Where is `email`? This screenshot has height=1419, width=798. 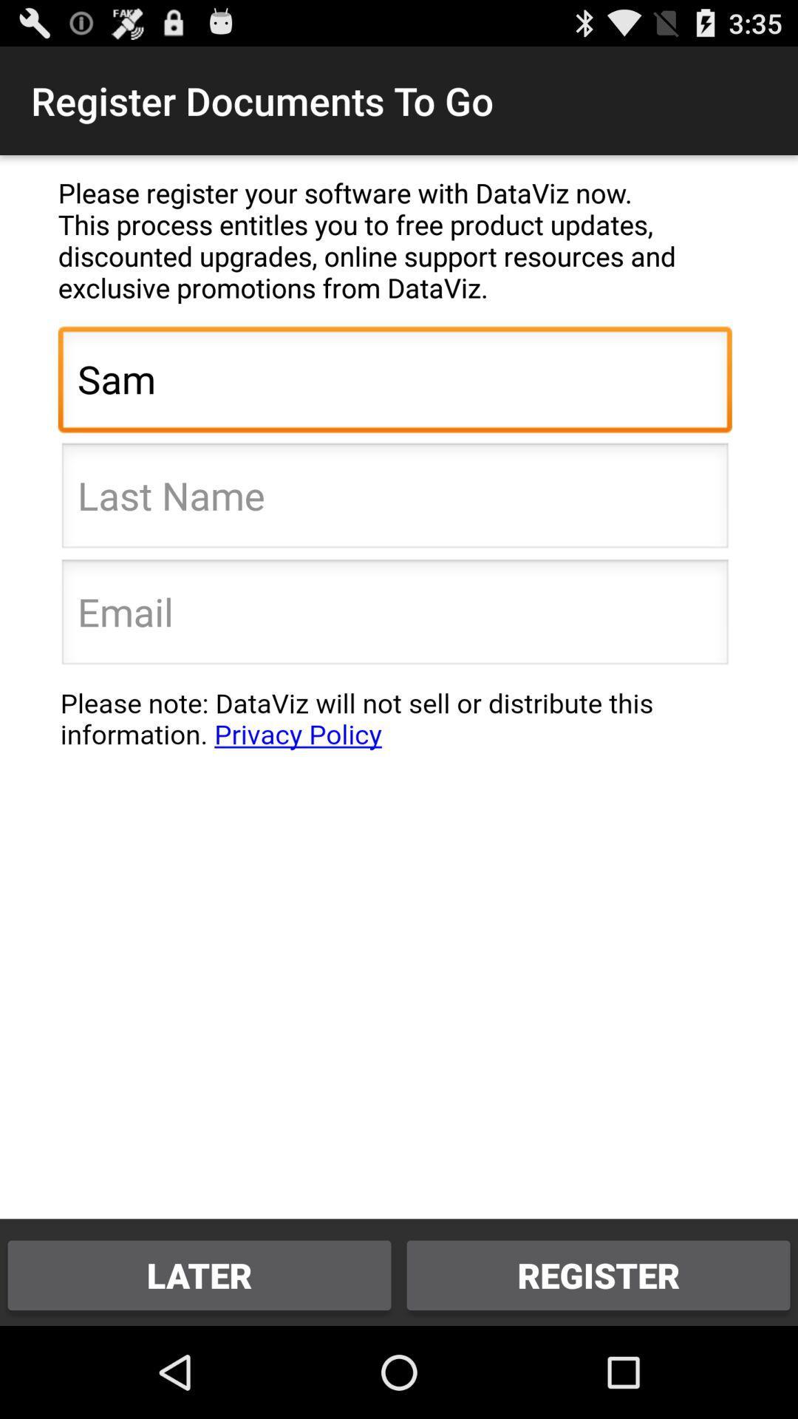 email is located at coordinates (394, 616).